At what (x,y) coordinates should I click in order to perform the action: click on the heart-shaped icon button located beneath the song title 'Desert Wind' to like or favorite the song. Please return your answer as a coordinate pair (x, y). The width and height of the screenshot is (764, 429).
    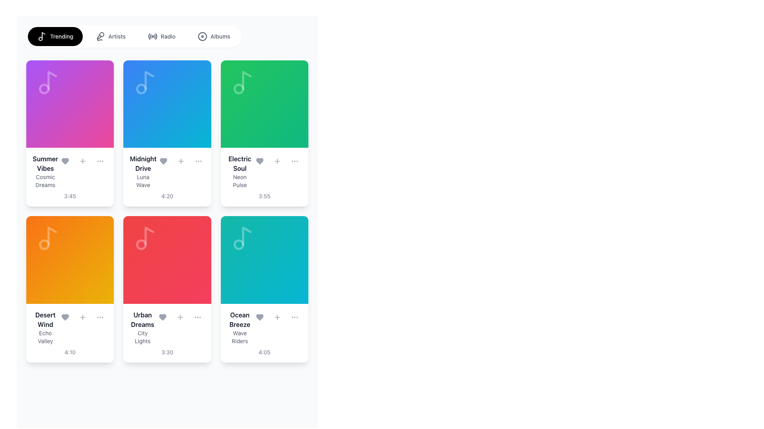
    Looking at the image, I should click on (65, 317).